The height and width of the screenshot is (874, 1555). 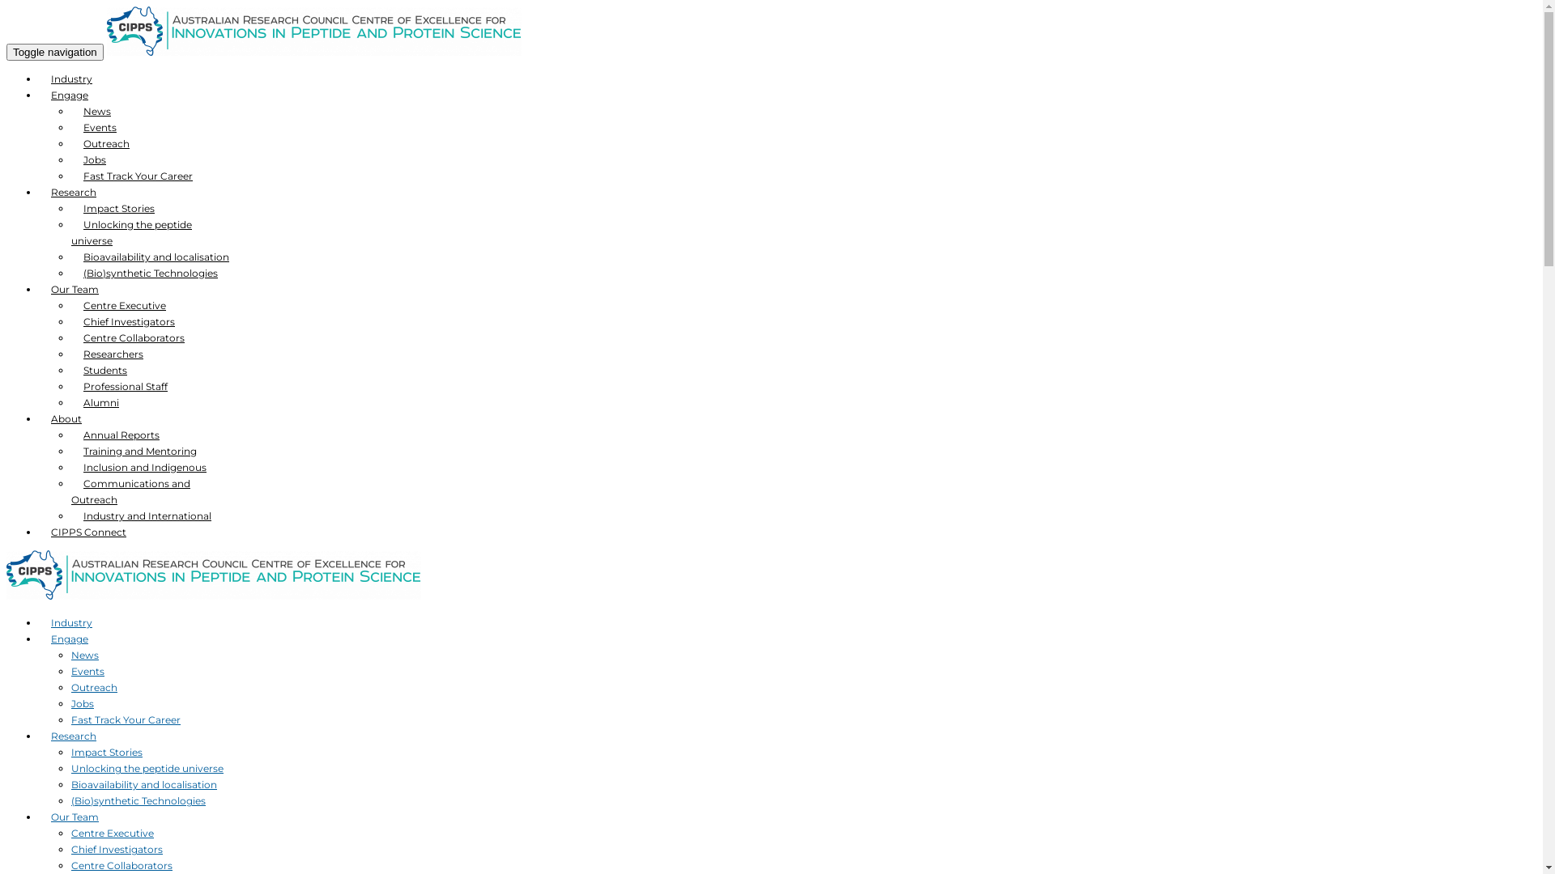 I want to click on 'Toggle navigation', so click(x=54, y=51).